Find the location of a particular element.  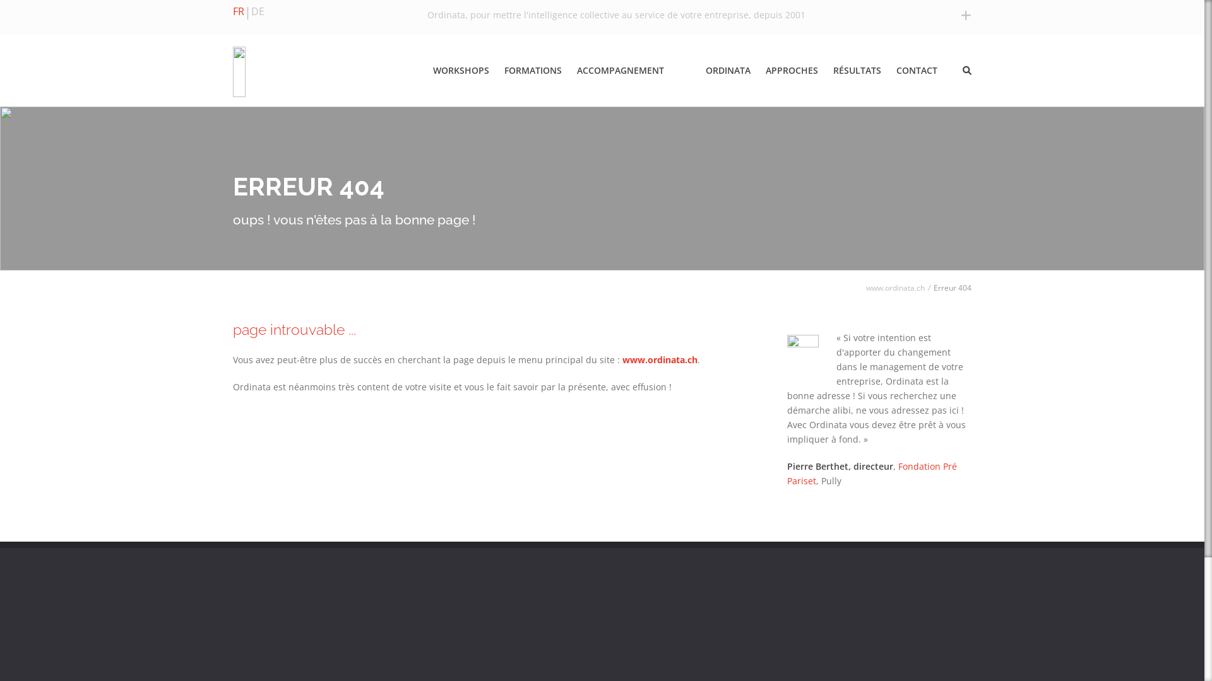

'www.ordinata.ch' is located at coordinates (894, 288).